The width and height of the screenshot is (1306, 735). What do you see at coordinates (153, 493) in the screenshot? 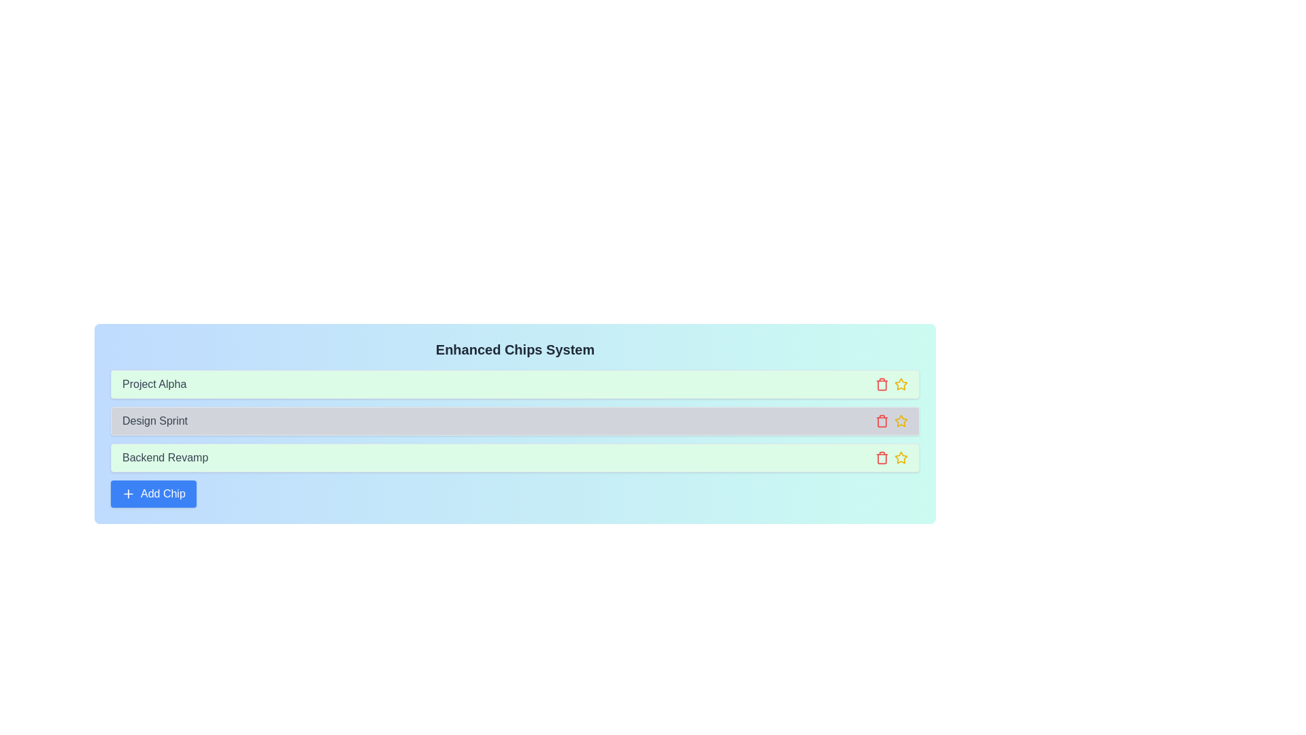
I see `the 'Add Chip' button to add a new chip to the list` at bounding box center [153, 493].